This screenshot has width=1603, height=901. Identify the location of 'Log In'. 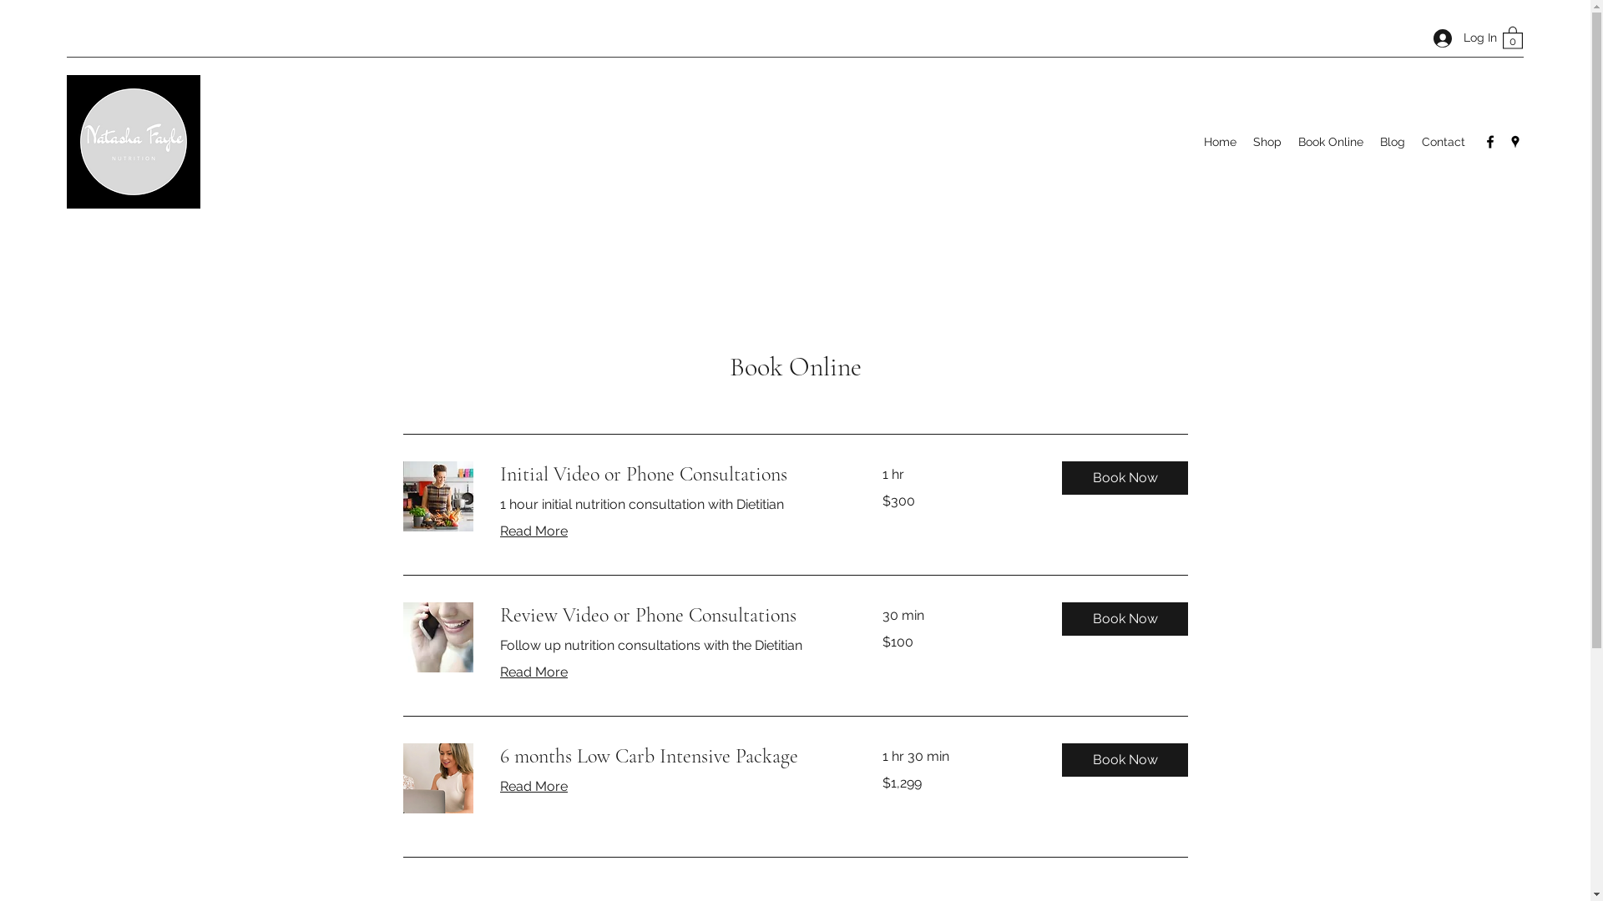
(1458, 38).